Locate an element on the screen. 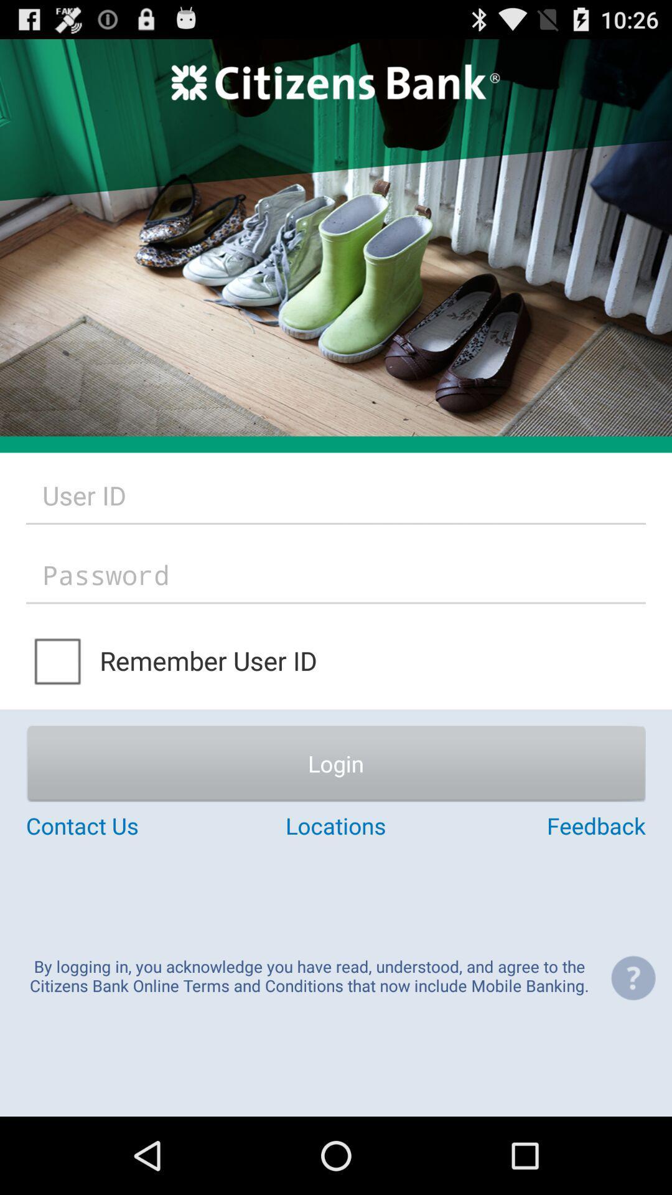  the contact us item is located at coordinates (129, 825).